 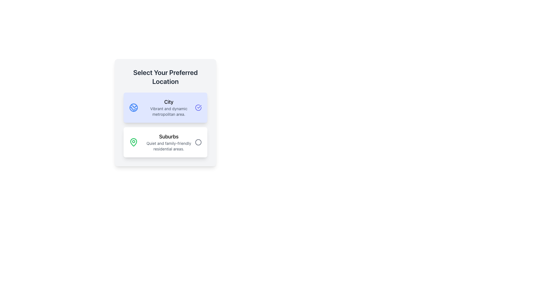 What do you see at coordinates (165, 142) in the screenshot?
I see `the 'Suburbs' selectable option, which features a green location marker icon and a description of 'Quiet and family-friendly residential areas.'` at bounding box center [165, 142].